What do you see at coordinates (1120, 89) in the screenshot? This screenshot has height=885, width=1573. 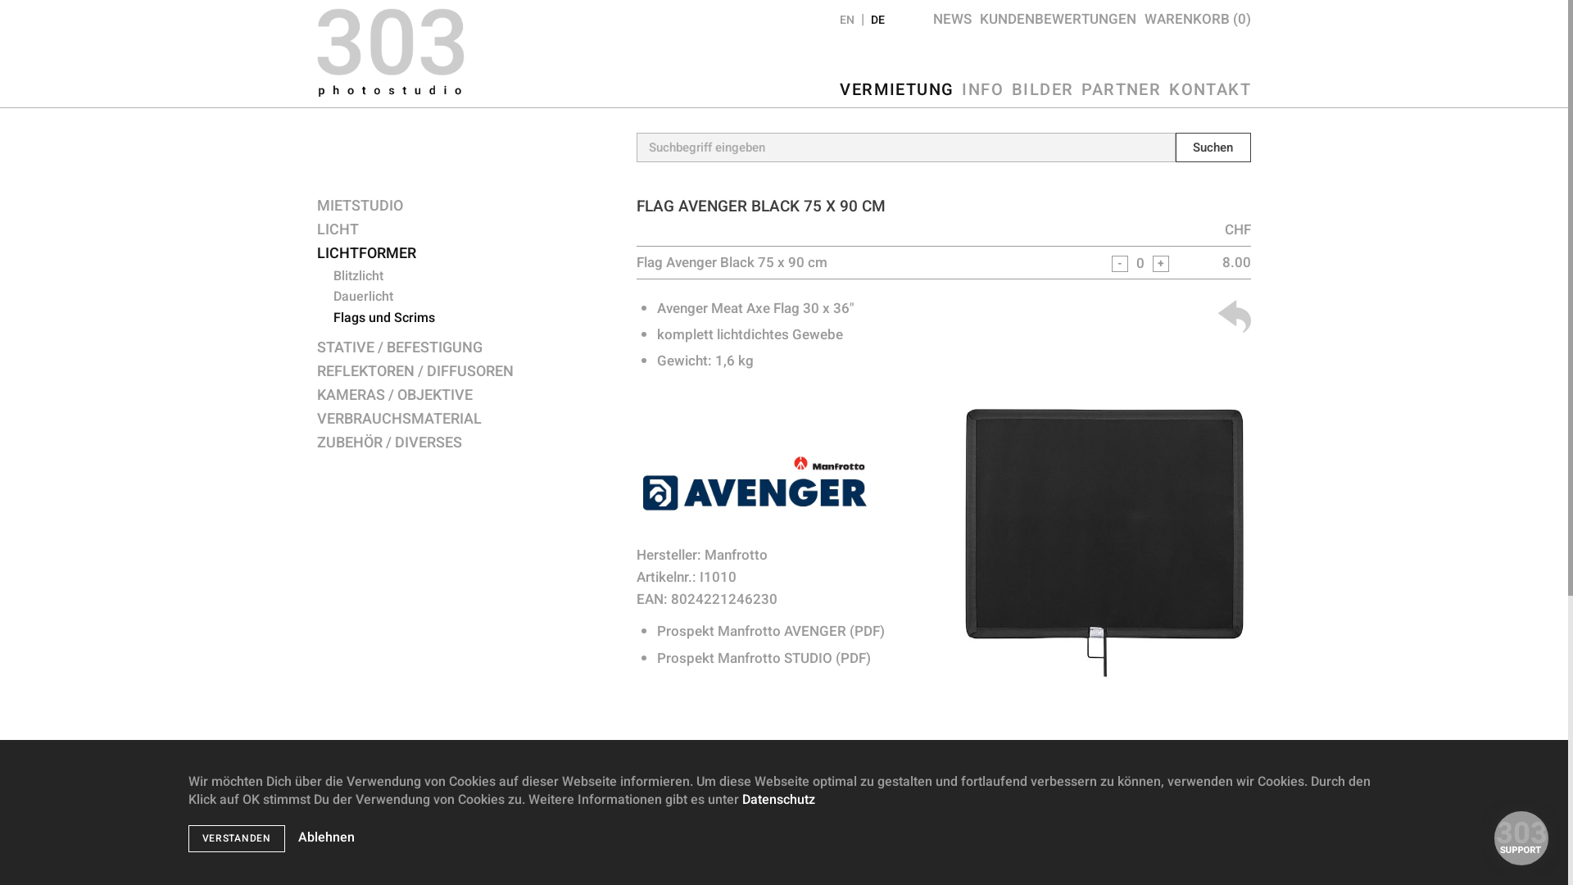 I see `'PARTNER'` at bounding box center [1120, 89].